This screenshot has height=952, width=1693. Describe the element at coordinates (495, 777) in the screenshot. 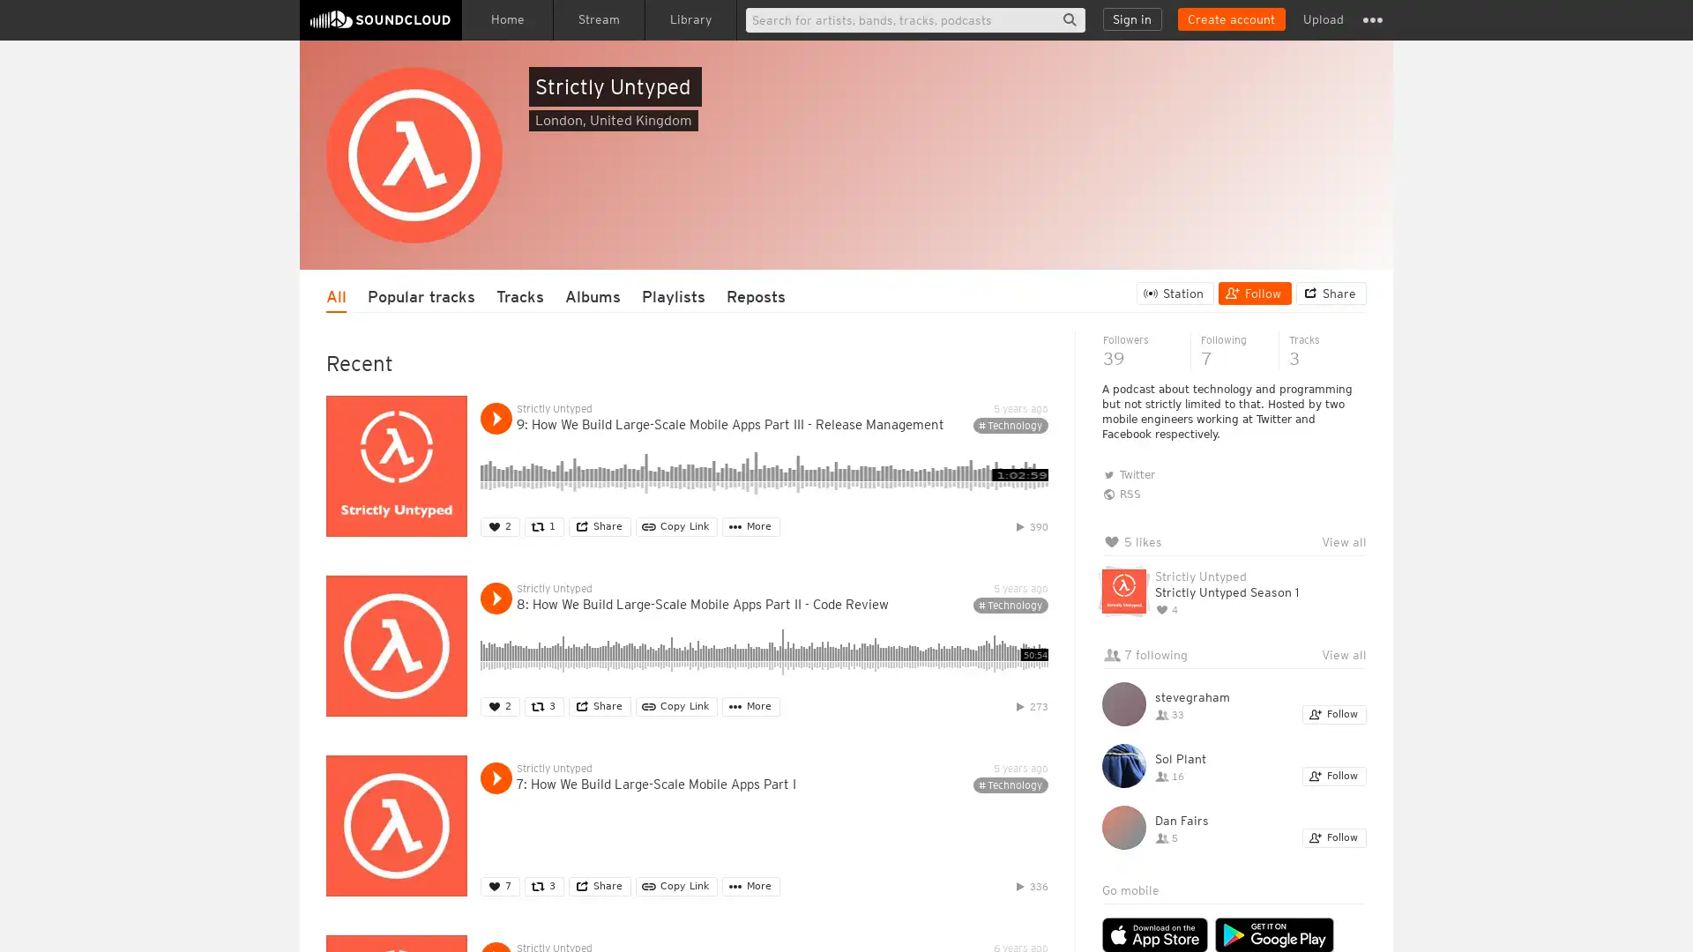

I see `Play` at that location.